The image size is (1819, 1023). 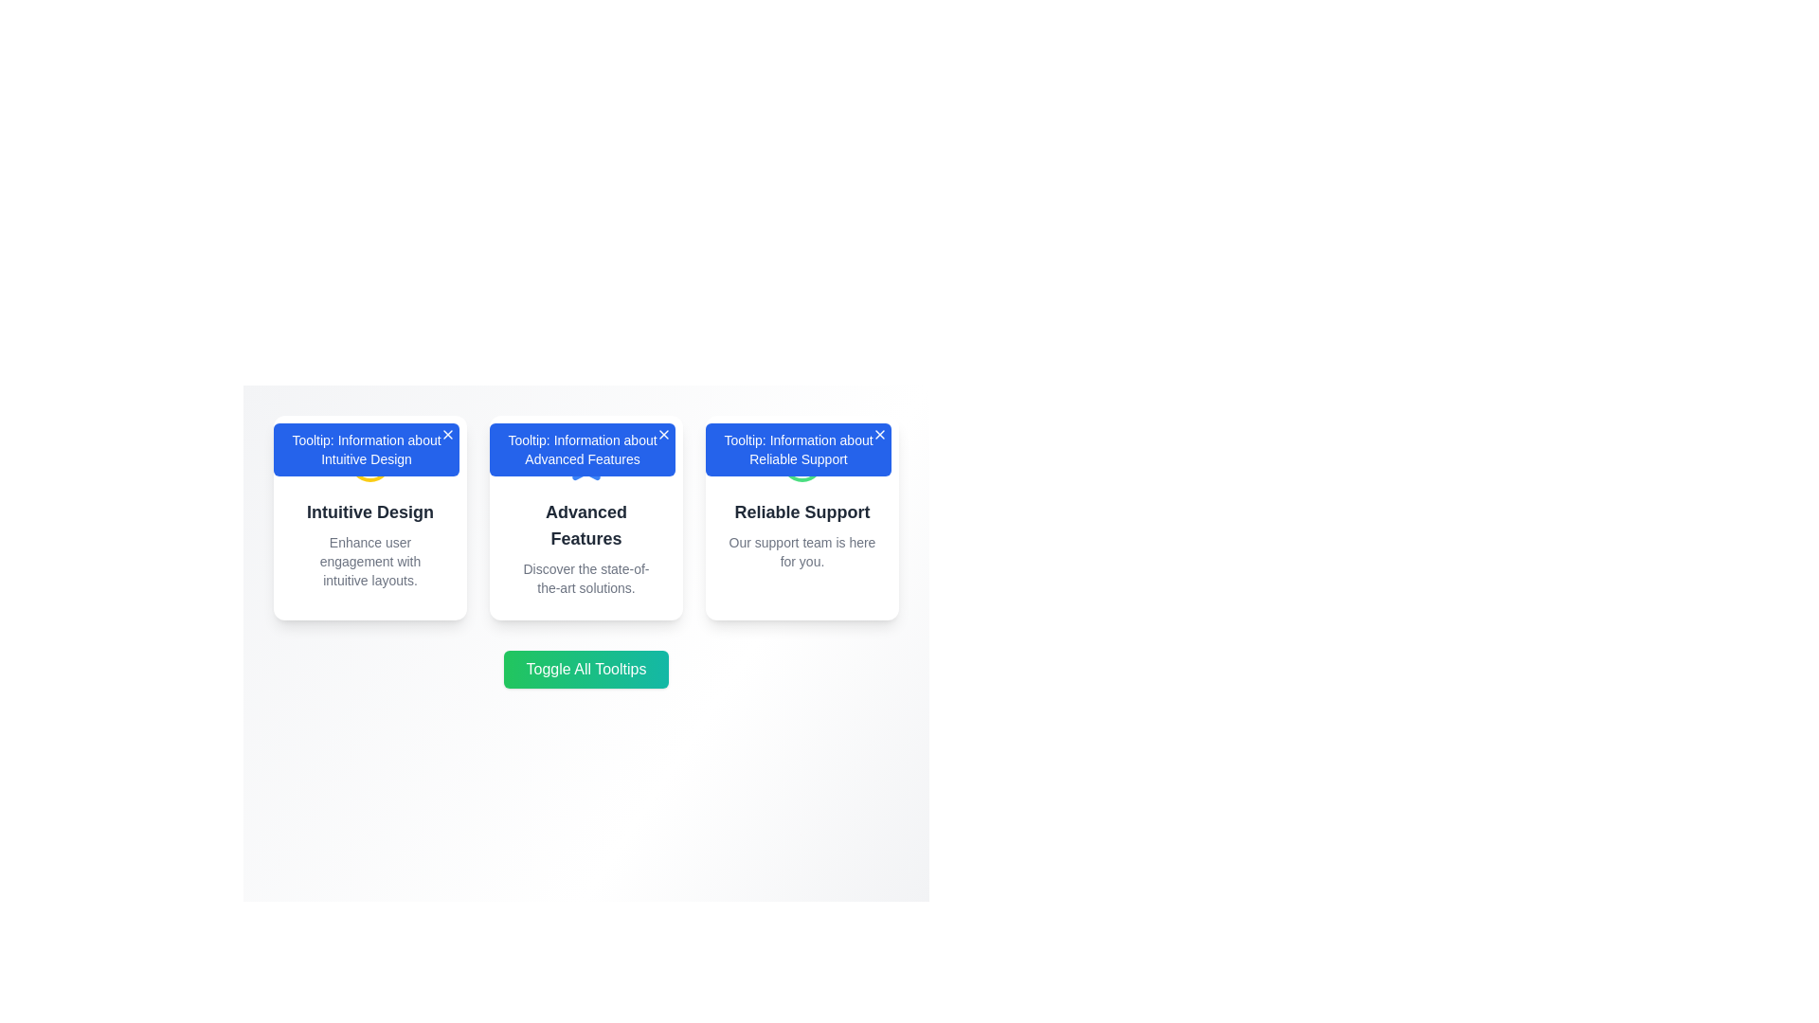 What do you see at coordinates (585, 577) in the screenshot?
I see `the text element that reads 'Discover the state-of-the-art solutions.' which is centered below the title 'Advanced Features' in the middle card of three horizontally displayed cards` at bounding box center [585, 577].